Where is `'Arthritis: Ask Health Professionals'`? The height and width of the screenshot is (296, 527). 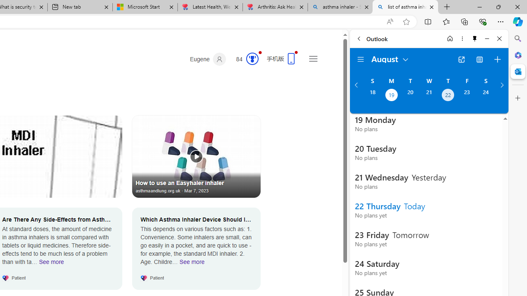 'Arthritis: Ask Health Professionals' is located at coordinates (275, 7).